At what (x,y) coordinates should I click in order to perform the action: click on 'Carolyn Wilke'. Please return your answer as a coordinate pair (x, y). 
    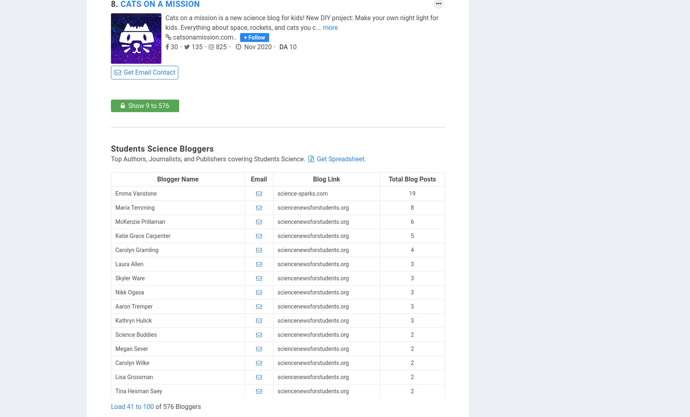
    Looking at the image, I should click on (115, 362).